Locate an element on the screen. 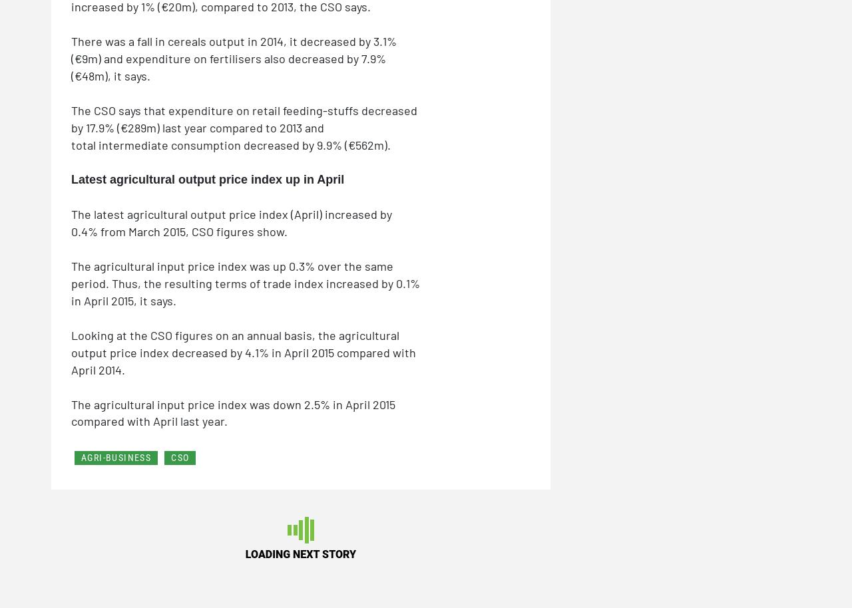  'The latest agricultural output price index (April) increased by 0.4% from March 2015, CSO figures show.' is located at coordinates (232, 222).